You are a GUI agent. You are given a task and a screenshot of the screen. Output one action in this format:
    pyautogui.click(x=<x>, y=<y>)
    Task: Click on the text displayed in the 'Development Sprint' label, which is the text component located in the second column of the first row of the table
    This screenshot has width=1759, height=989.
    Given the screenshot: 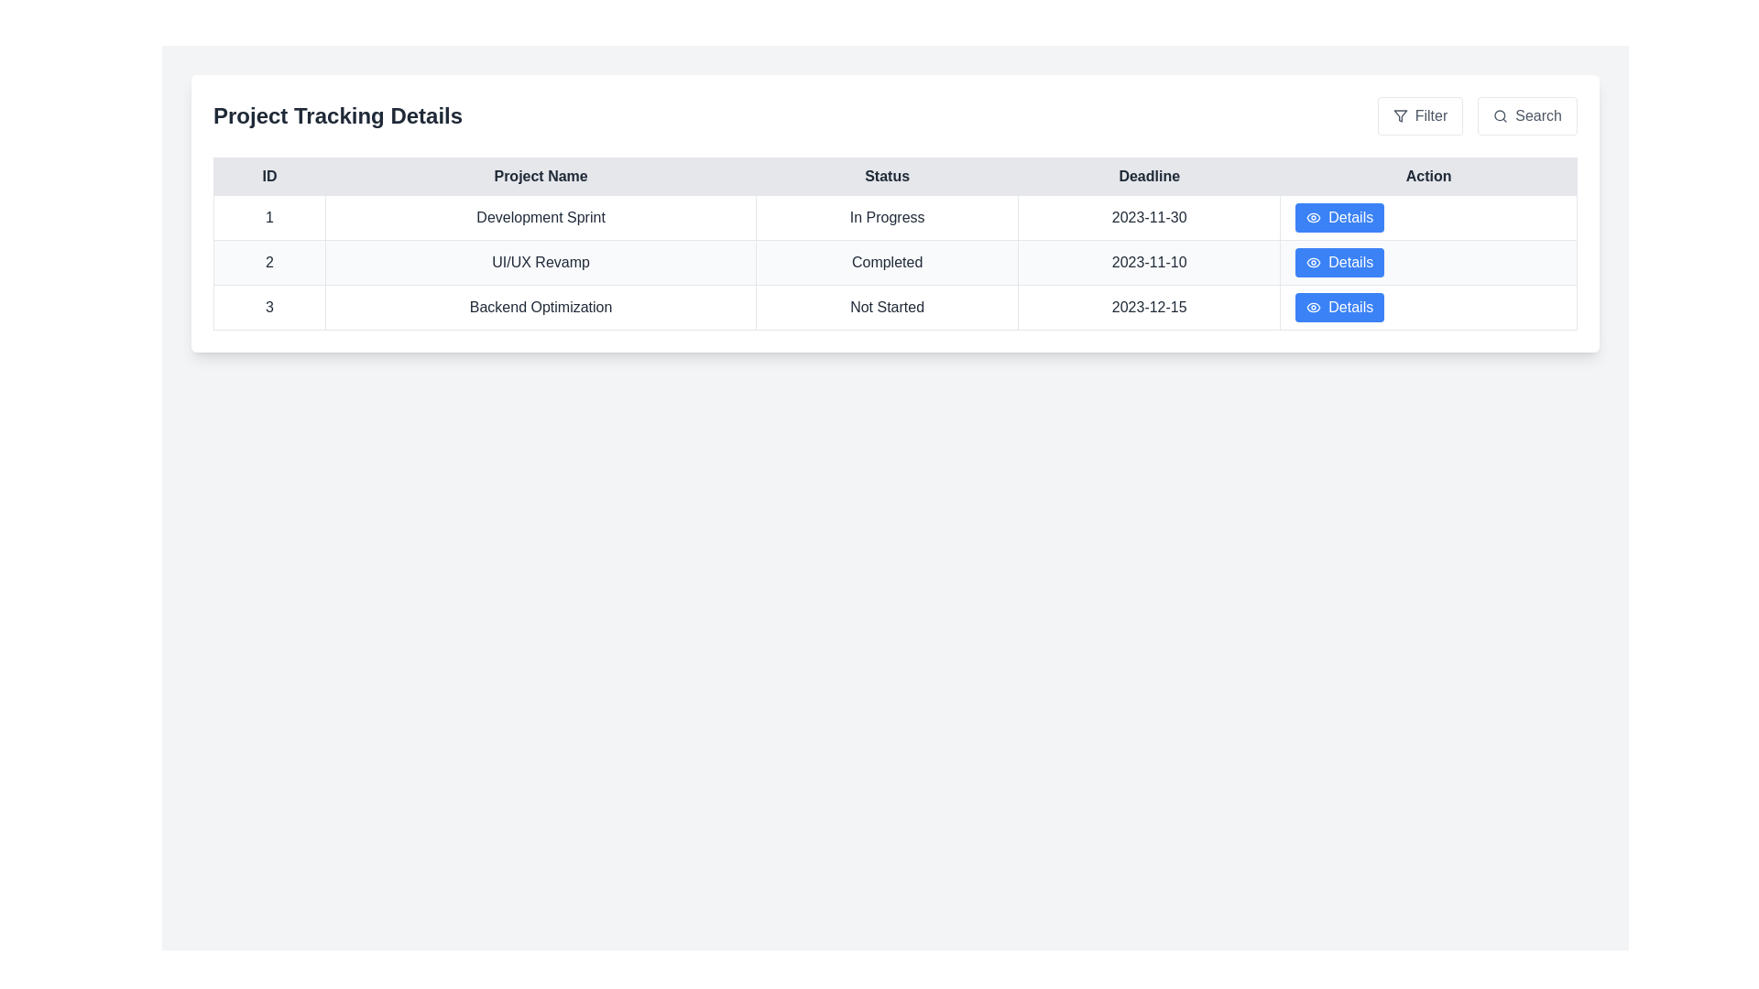 What is the action you would take?
    pyautogui.click(x=540, y=217)
    